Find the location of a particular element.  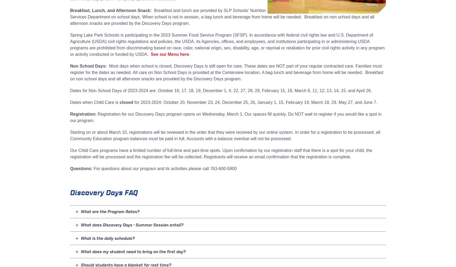

'What are the Program Rates?' is located at coordinates (80, 211).